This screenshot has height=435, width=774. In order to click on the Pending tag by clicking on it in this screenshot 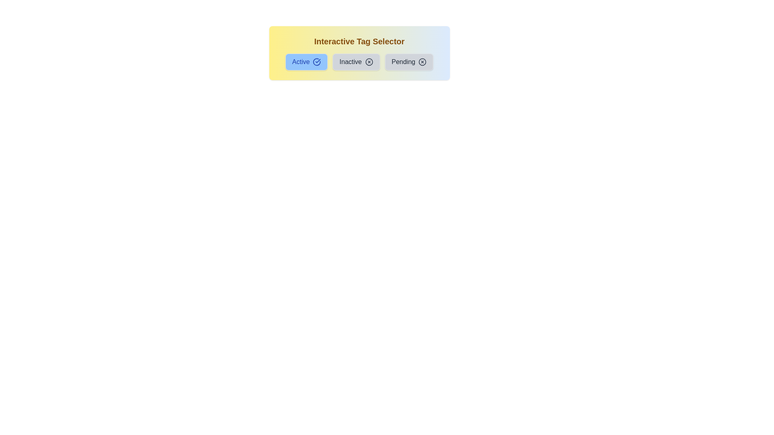, I will do `click(408, 62)`.